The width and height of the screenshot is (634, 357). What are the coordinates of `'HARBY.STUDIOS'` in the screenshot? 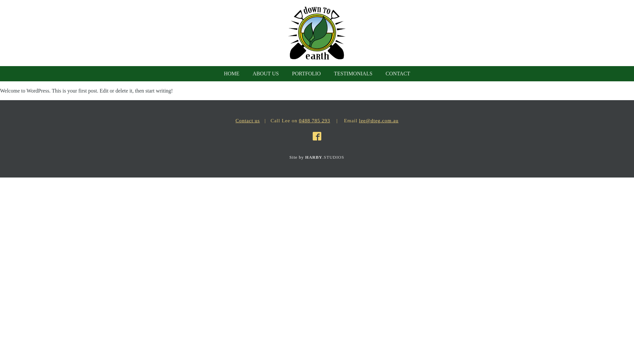 It's located at (325, 157).